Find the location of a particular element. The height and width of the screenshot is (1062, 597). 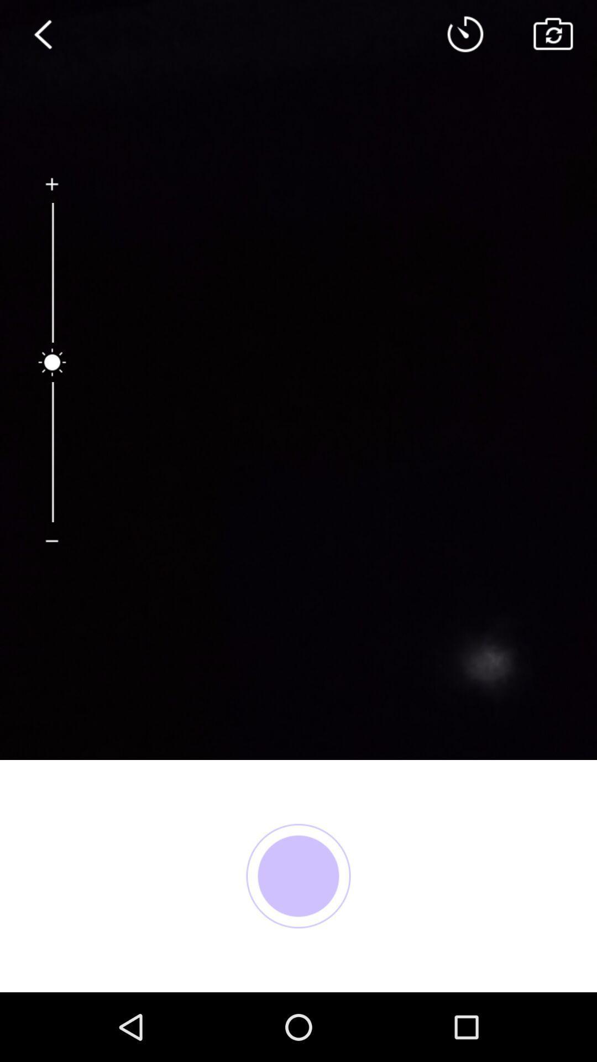

the time icon is located at coordinates (465, 37).